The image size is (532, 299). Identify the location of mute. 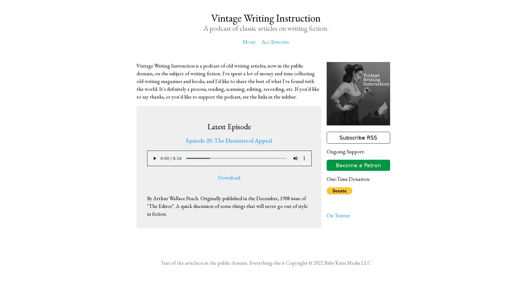
(295, 158).